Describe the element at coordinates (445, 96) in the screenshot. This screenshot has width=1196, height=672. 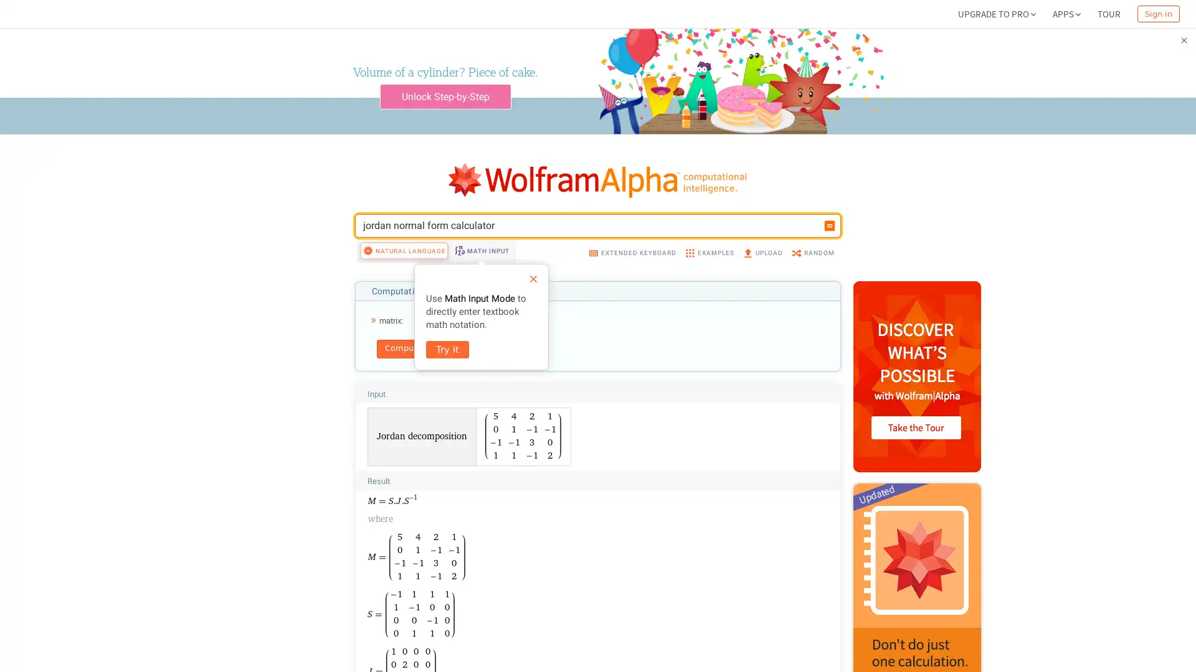
I see `Unlock Step-by-Step` at that location.